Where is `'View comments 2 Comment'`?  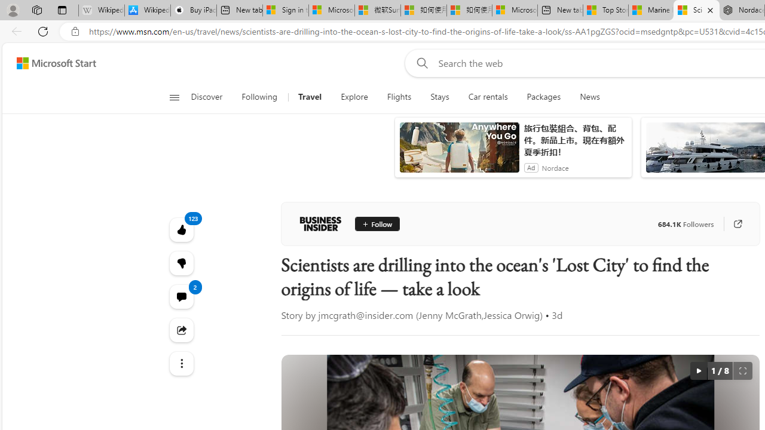
'View comments 2 Comment' is located at coordinates (180, 296).